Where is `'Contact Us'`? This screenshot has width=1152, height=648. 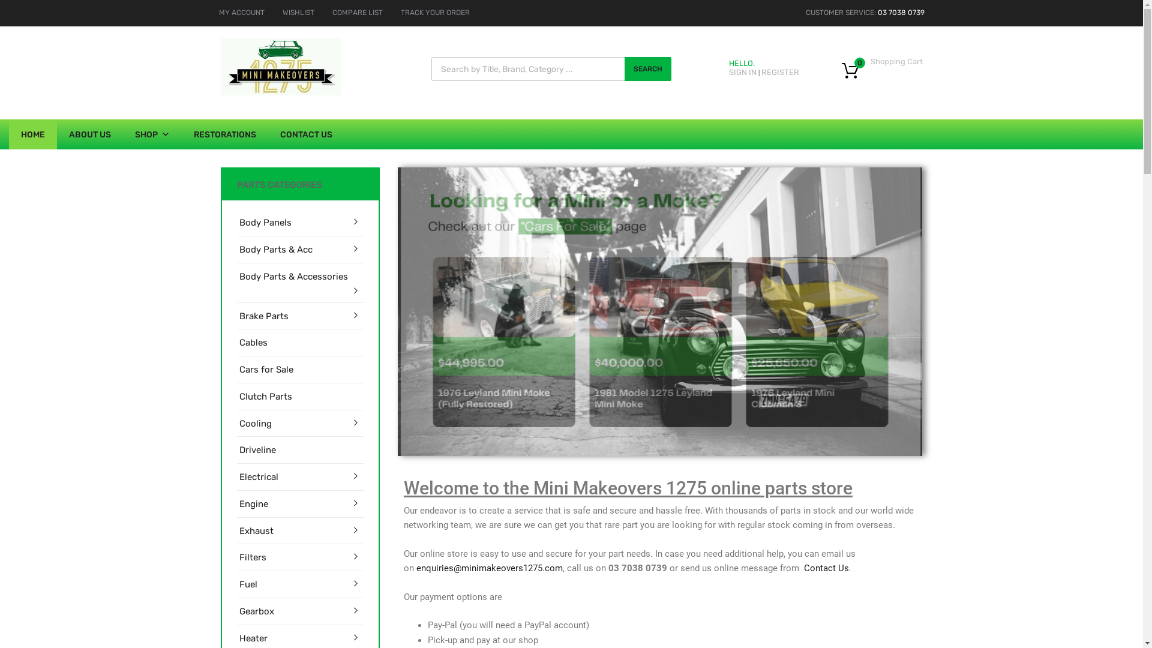
'Contact Us' is located at coordinates (826, 568).